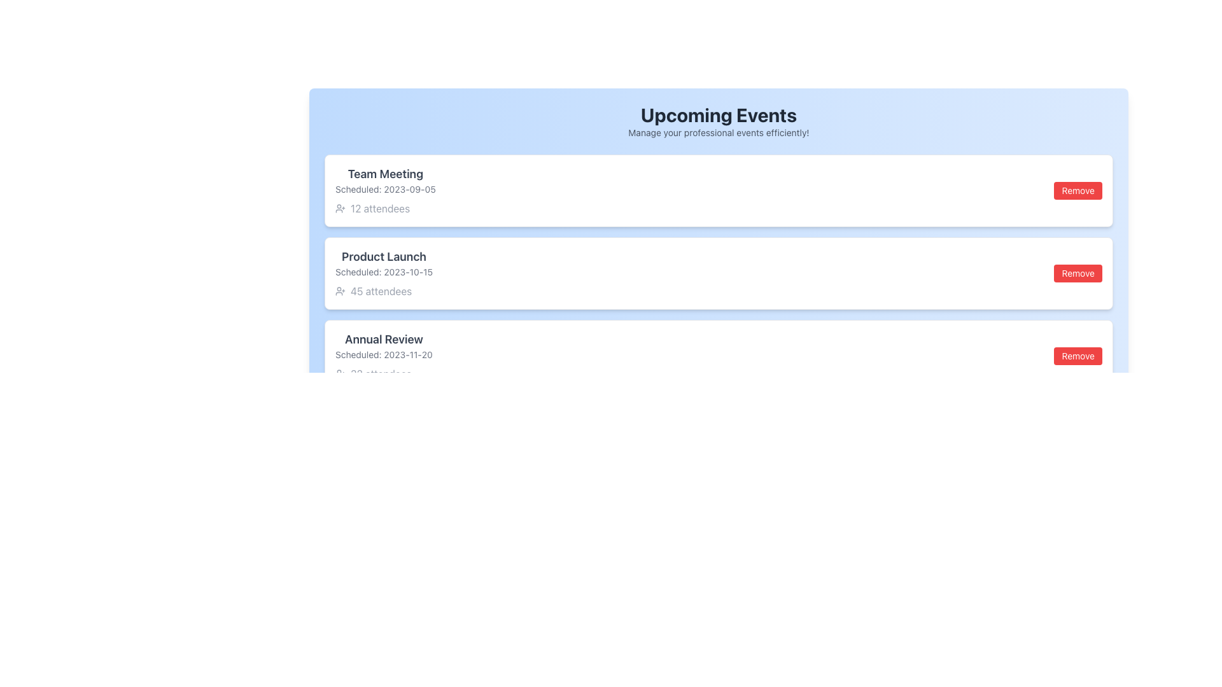  What do you see at coordinates (383, 356) in the screenshot?
I see `details from the Informational Block displaying event information located in the third row beneath the 'Upcoming Events' header, positioned between 'Product Launch' and the 'Remove' button` at bounding box center [383, 356].